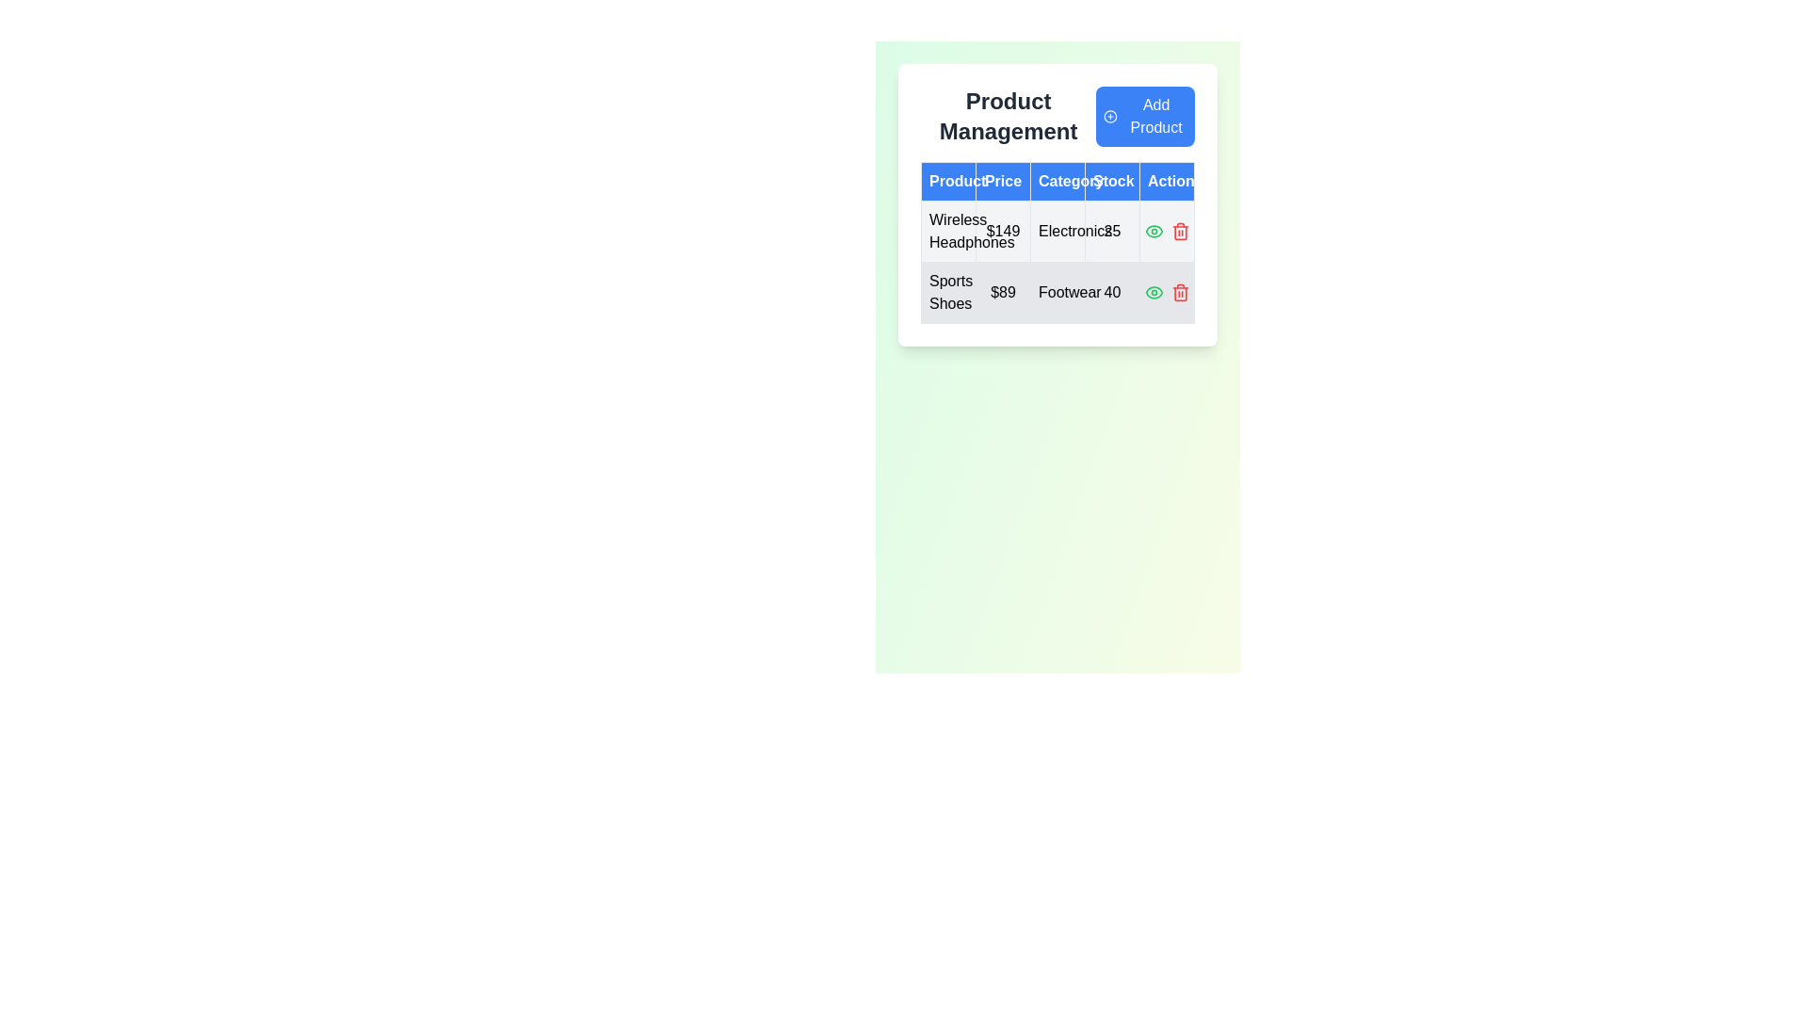 The width and height of the screenshot is (1808, 1017). I want to click on the textual table cell in the third column labeled 'Category' of the first data row, which indicates the category of the product 'Wireless Headphones', so click(1057, 231).